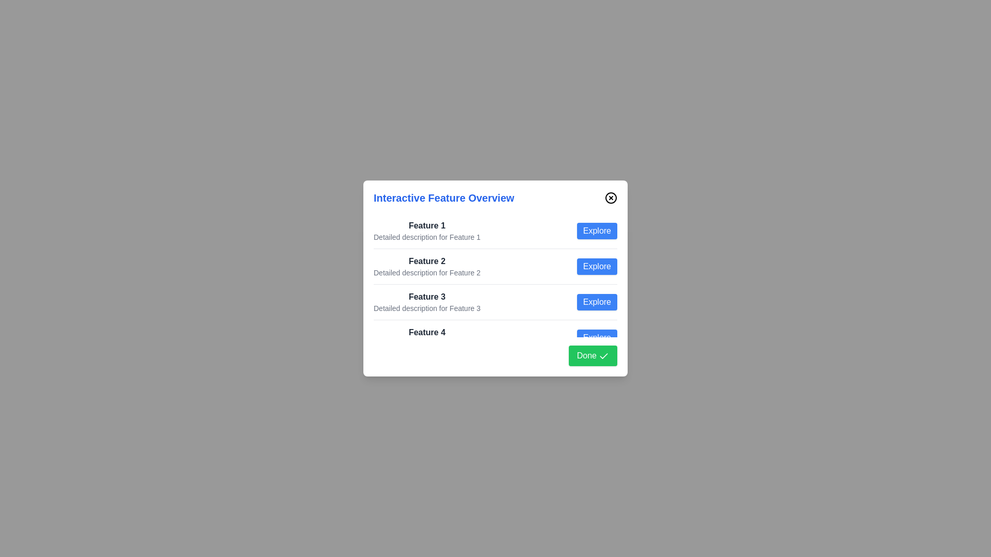 The width and height of the screenshot is (991, 557). Describe the element at coordinates (597, 230) in the screenshot. I see `the 'Explore' button for feature 1` at that location.